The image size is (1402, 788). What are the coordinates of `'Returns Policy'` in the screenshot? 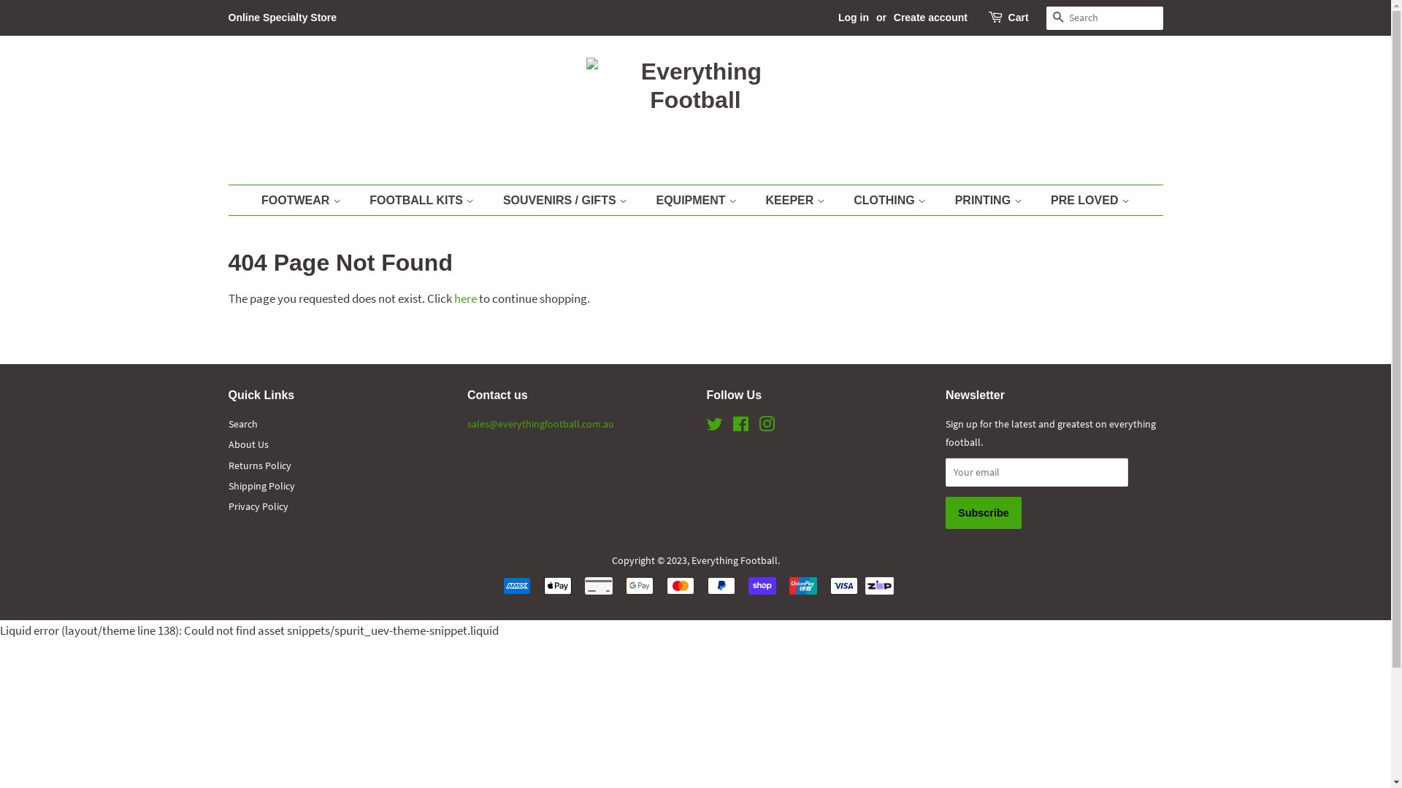 It's located at (259, 465).